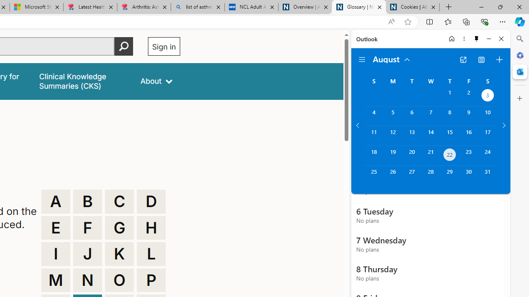 The height and width of the screenshot is (297, 529). What do you see at coordinates (488, 175) in the screenshot?
I see `'Saturday, August 31, 2024. '` at bounding box center [488, 175].